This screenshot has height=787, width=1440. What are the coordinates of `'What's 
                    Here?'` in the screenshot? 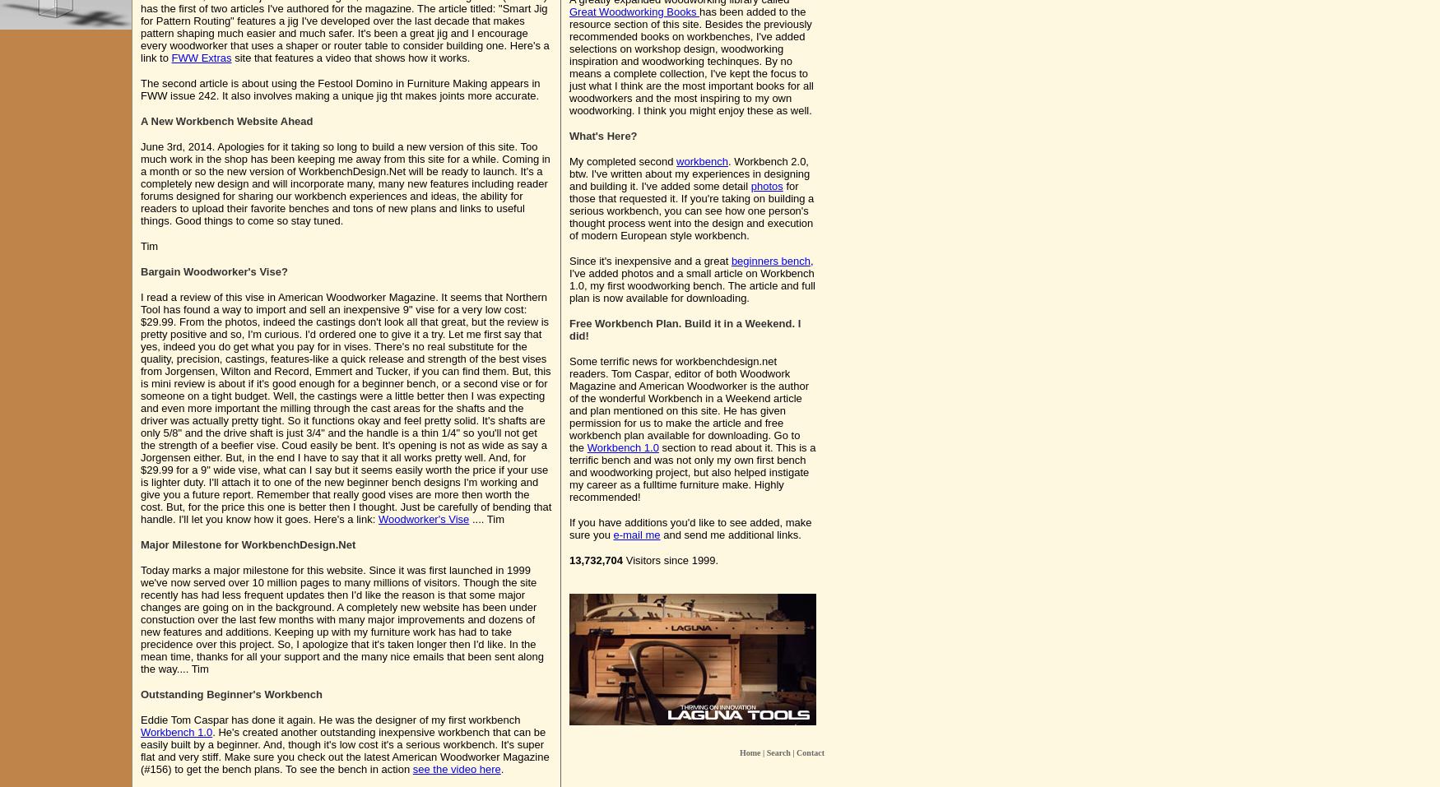 It's located at (603, 136).